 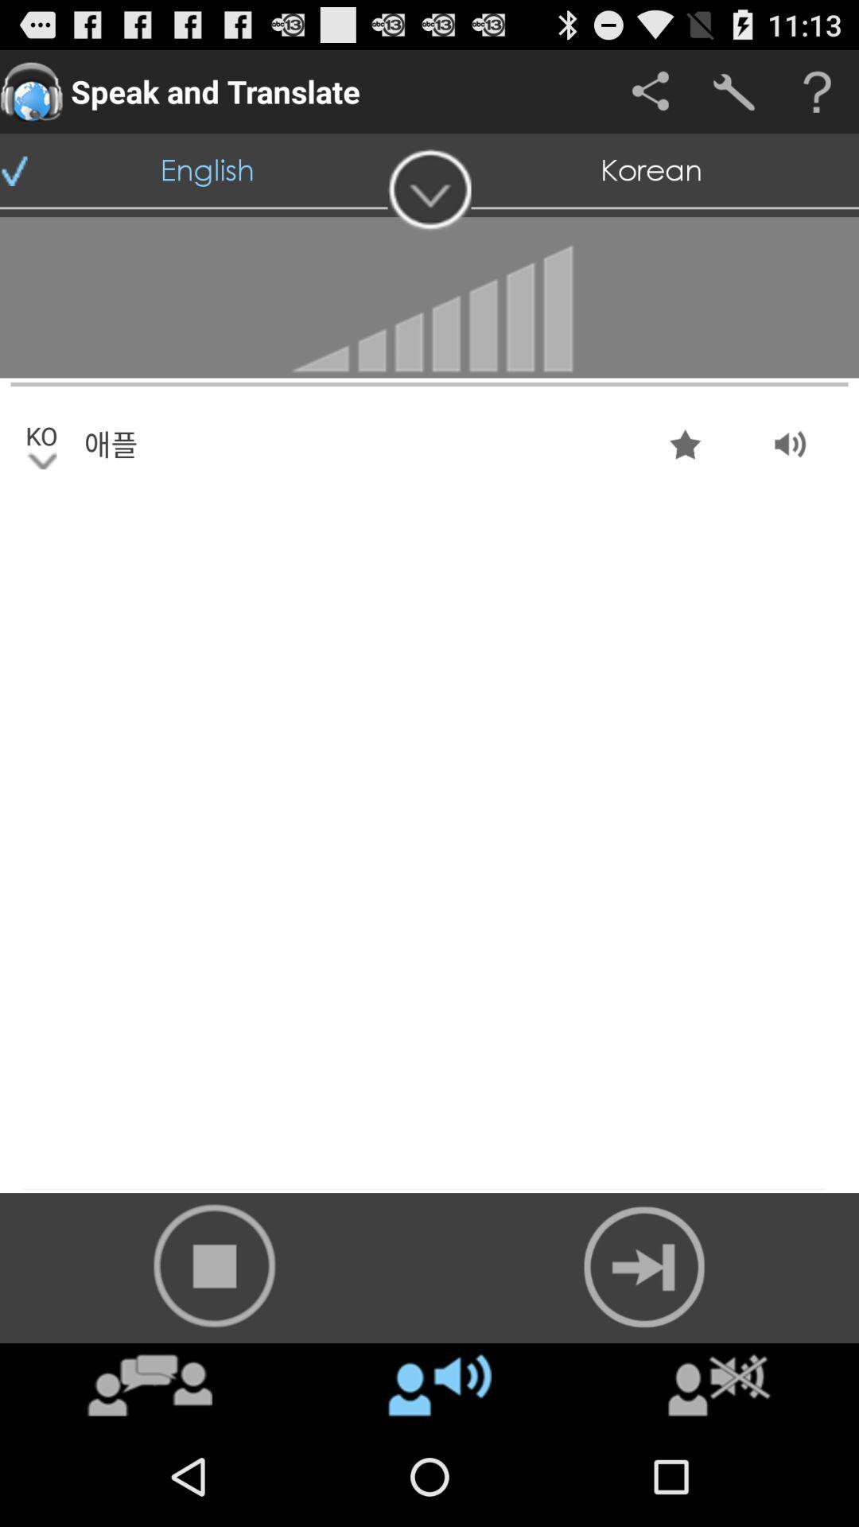 I want to click on record your voice, so click(x=215, y=1265).